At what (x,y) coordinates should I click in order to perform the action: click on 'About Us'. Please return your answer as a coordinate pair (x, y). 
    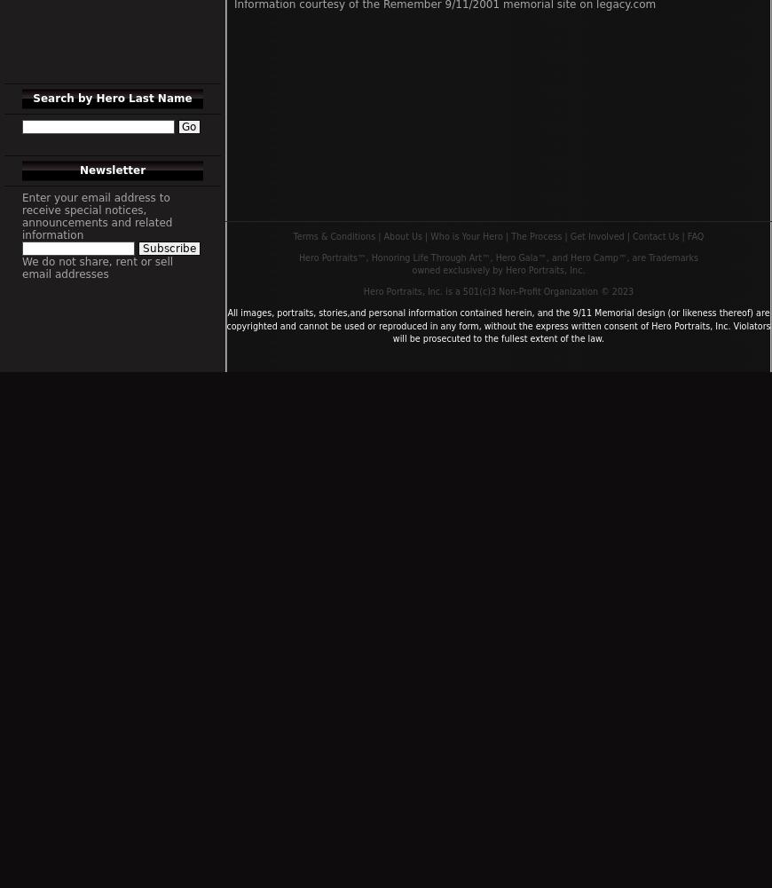
    Looking at the image, I should click on (401, 235).